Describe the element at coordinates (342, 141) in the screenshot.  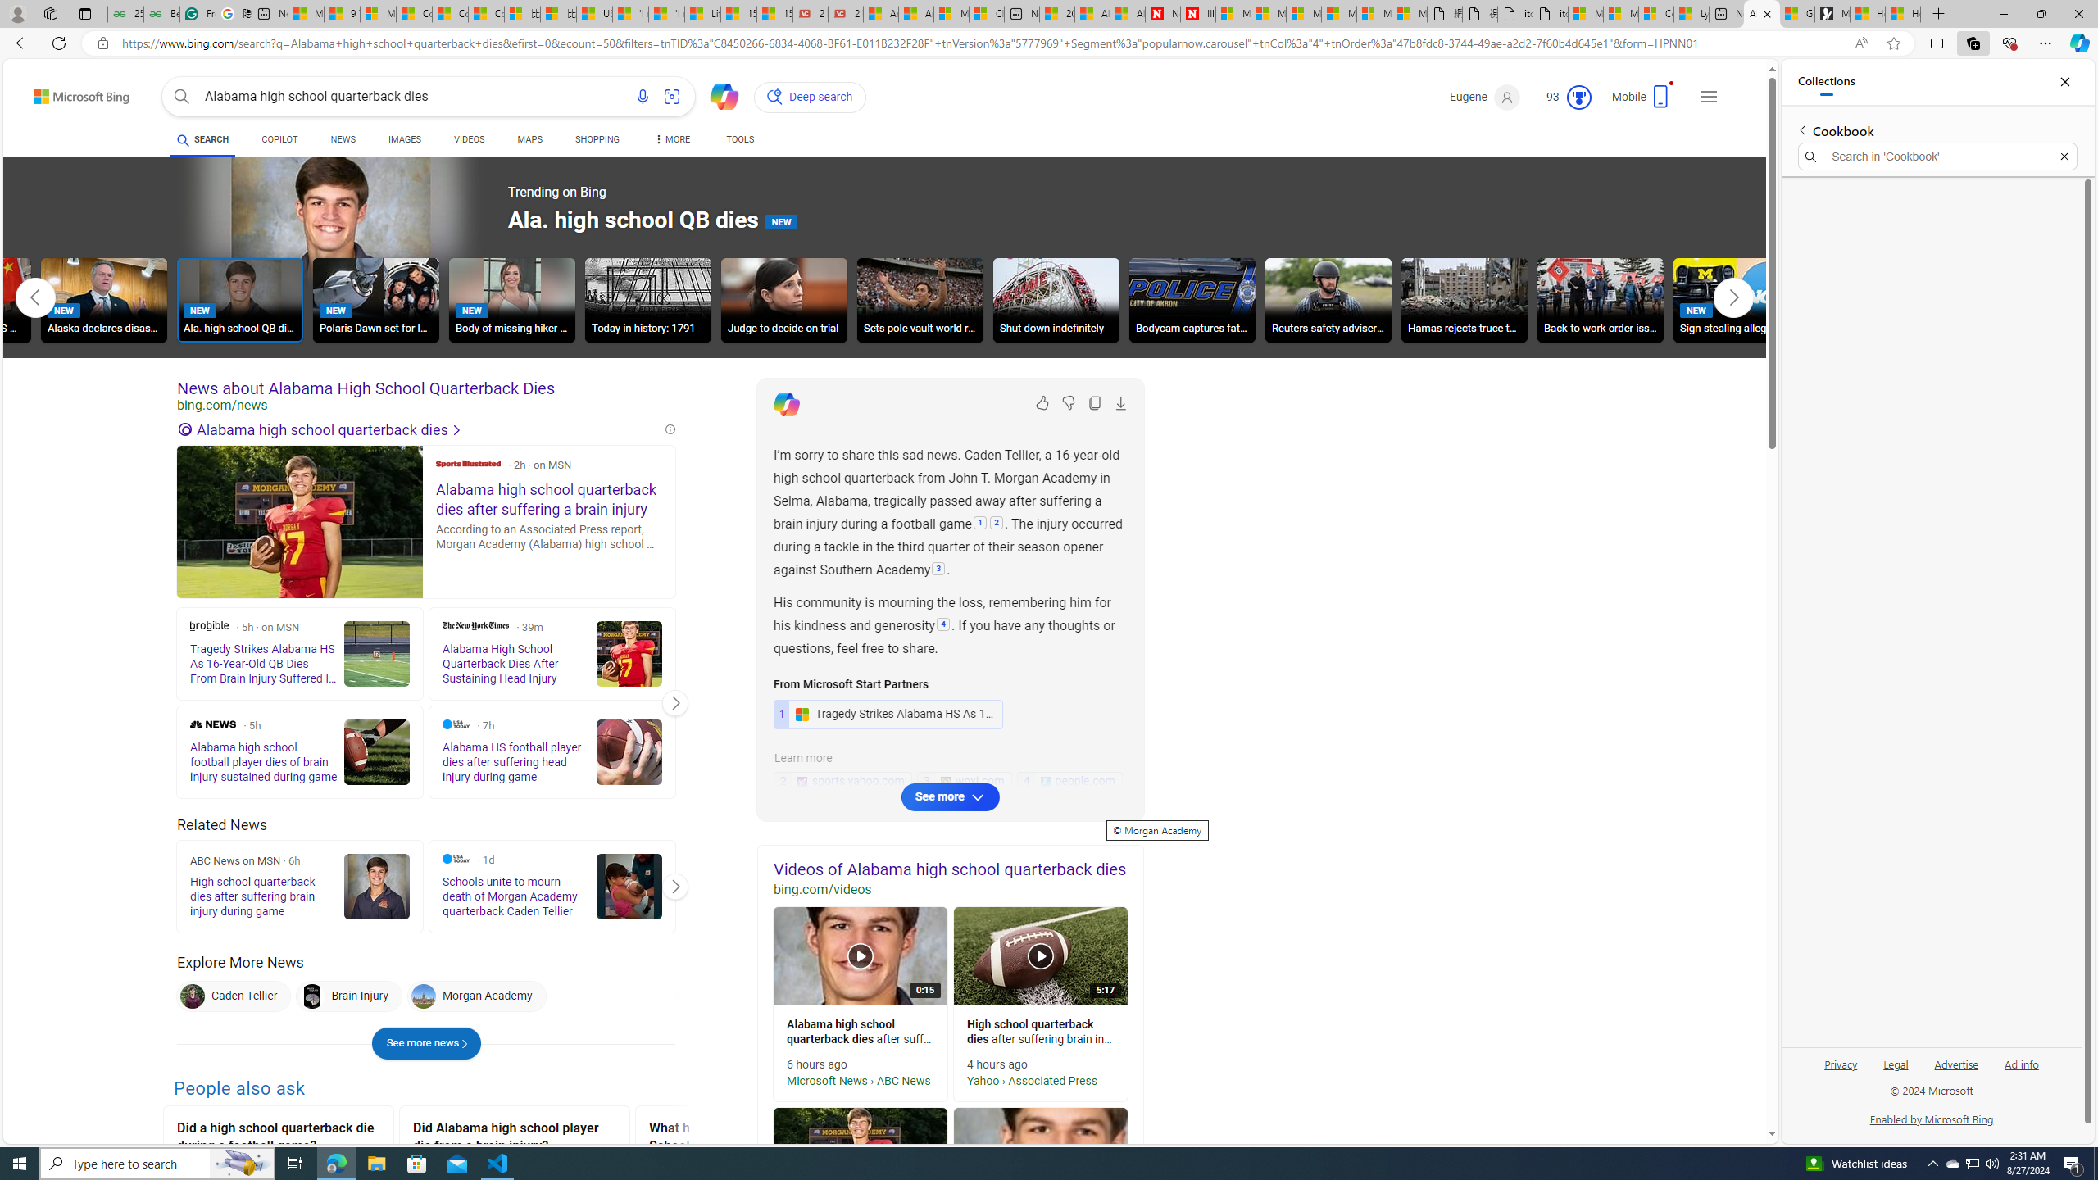
I see `'NEWS'` at that location.